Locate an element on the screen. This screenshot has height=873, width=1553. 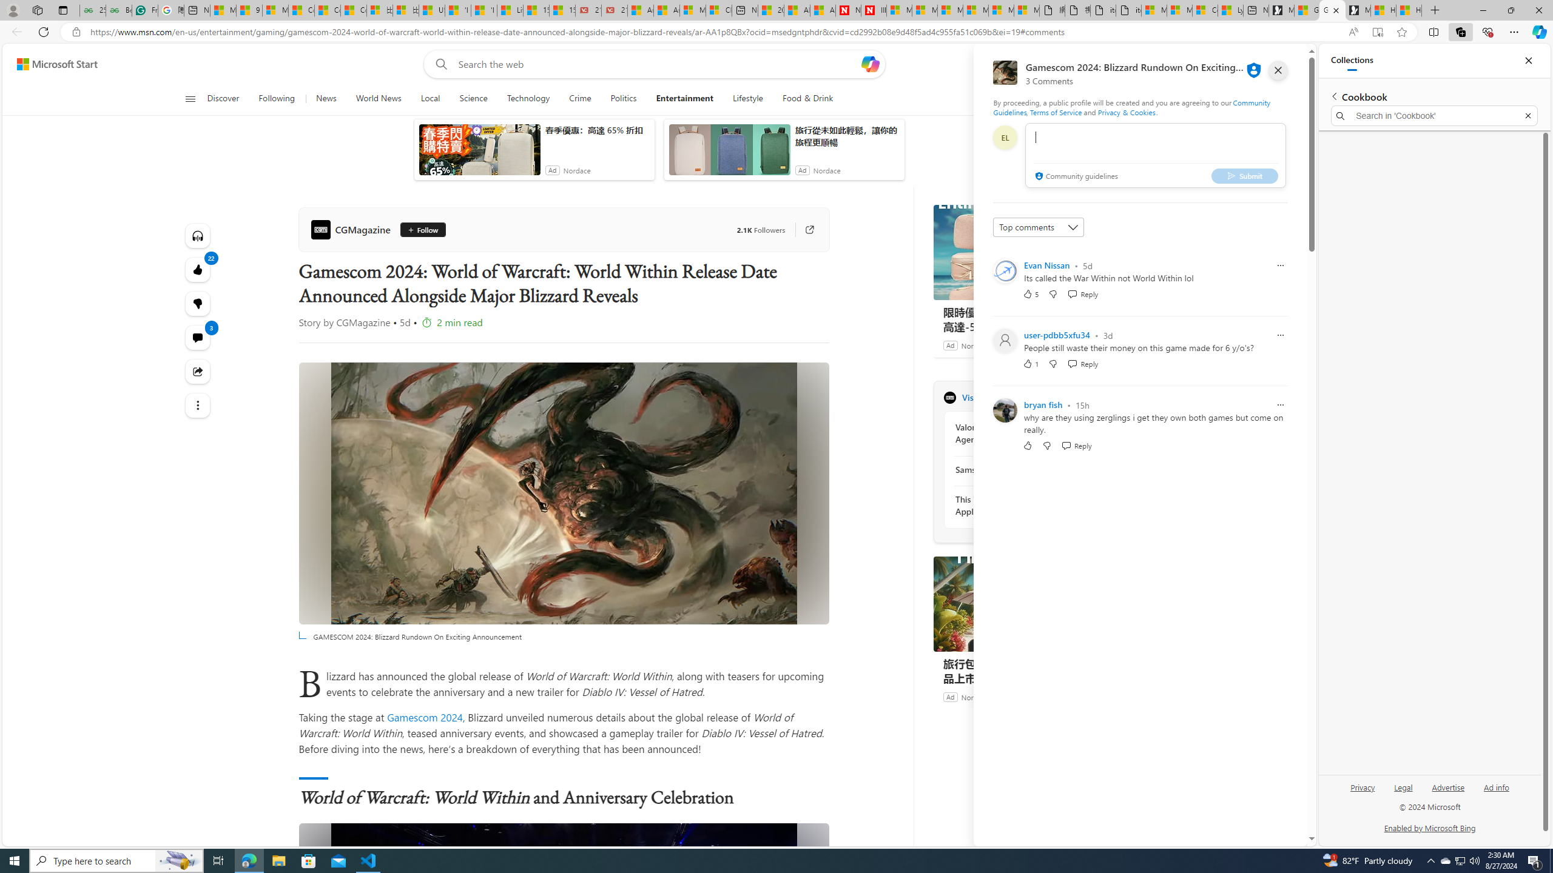
'Free AI Writing Assistance for Students | Grammarly' is located at coordinates (145, 10).